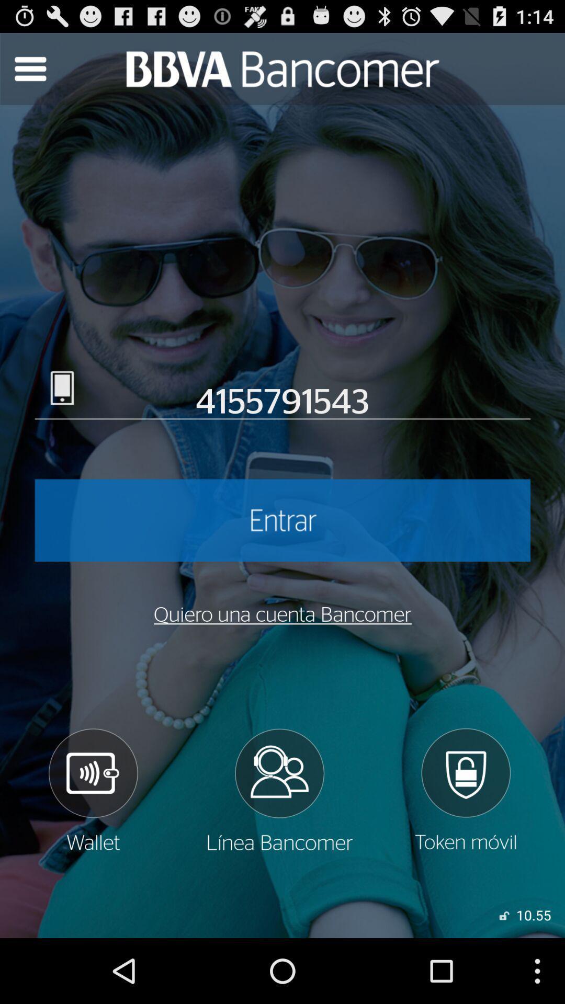  Describe the element at coordinates (465, 790) in the screenshot. I see `log` at that location.